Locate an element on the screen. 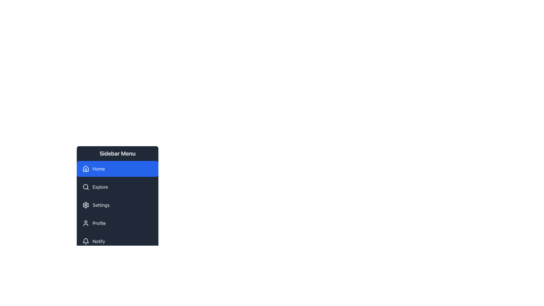 The width and height of the screenshot is (544, 306). the house-shaped icon in the sidebar menu that represents the 'Home' button is located at coordinates (85, 168).